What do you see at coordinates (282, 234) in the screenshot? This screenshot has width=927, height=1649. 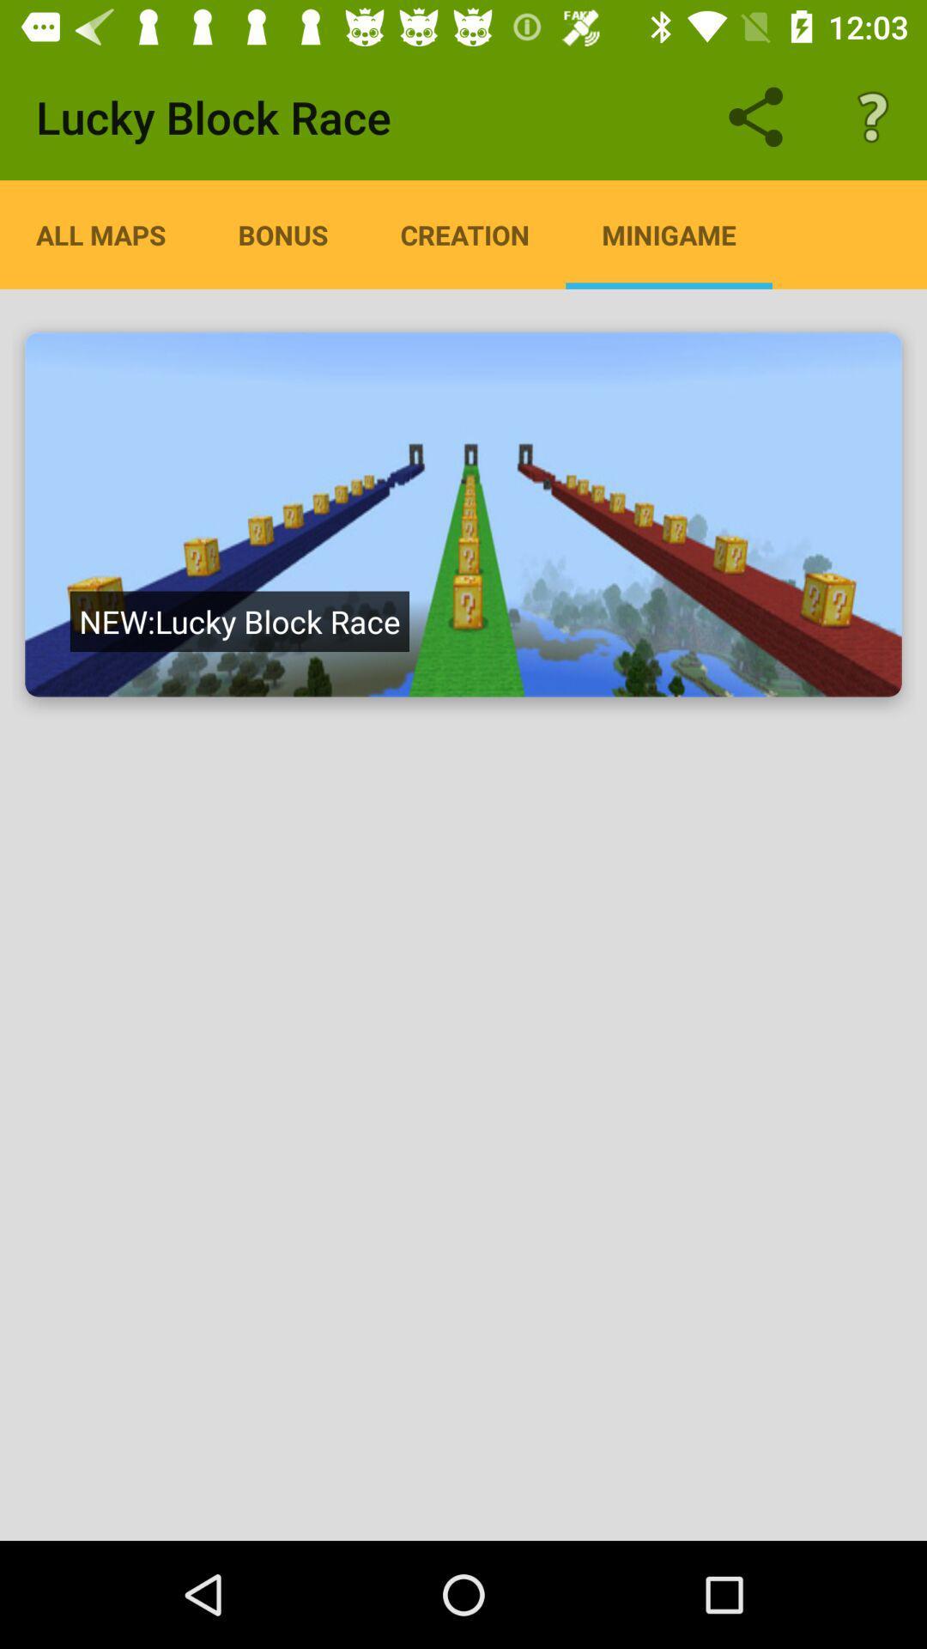 I see `the bonus item` at bounding box center [282, 234].